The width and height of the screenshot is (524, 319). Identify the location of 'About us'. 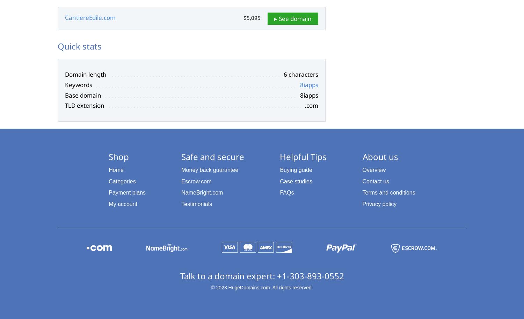
(362, 156).